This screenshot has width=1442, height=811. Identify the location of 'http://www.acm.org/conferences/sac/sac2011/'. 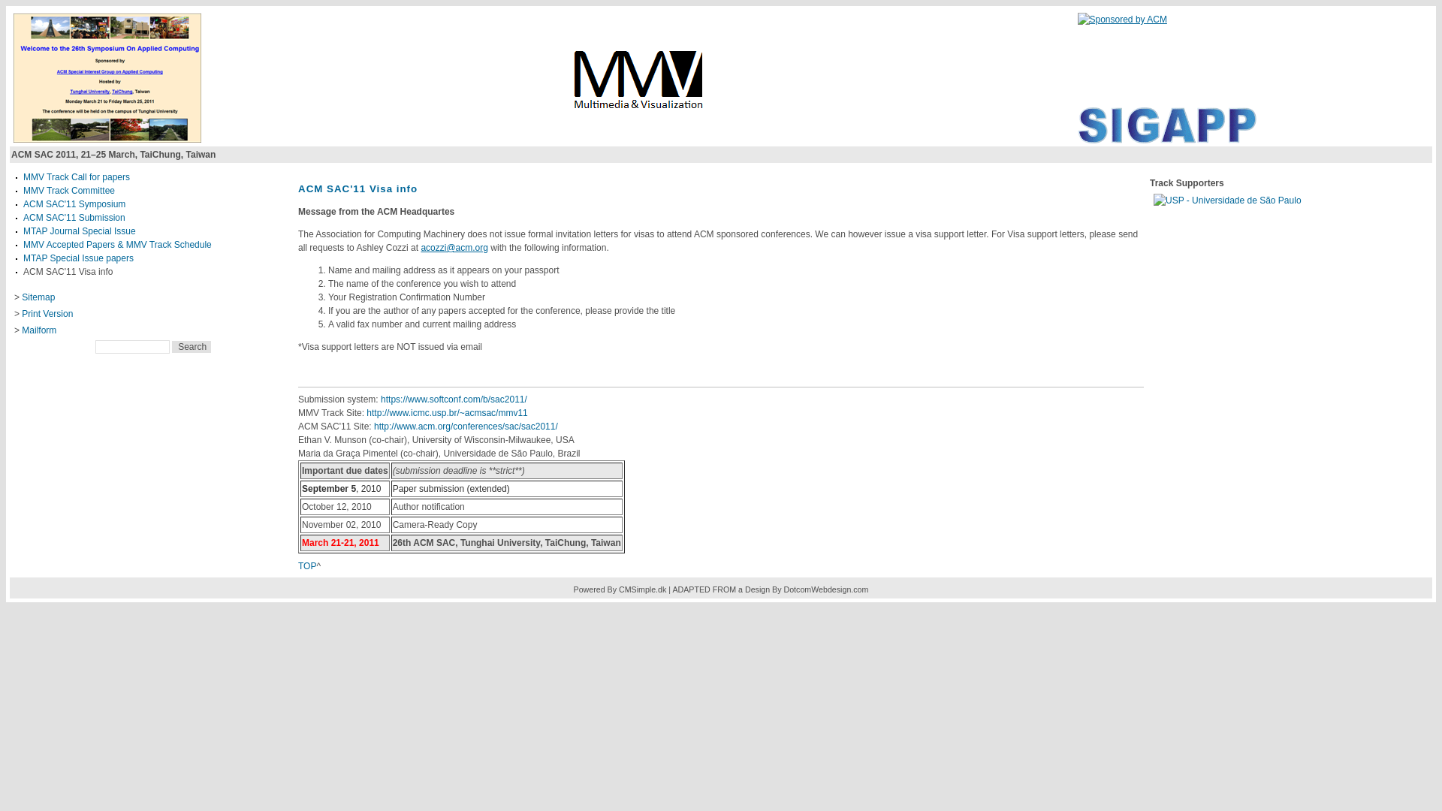
(465, 426).